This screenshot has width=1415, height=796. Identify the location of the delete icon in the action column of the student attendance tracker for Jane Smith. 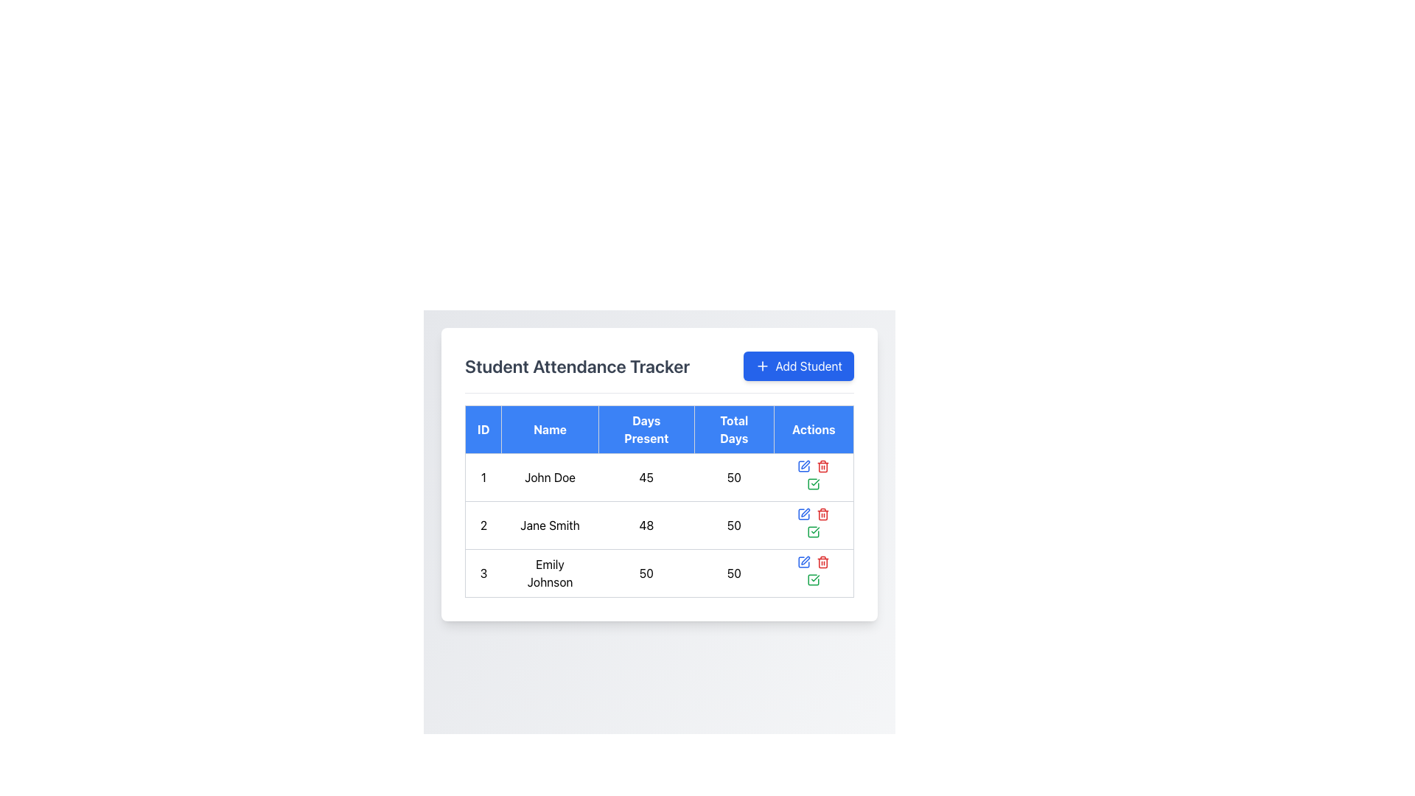
(822, 514).